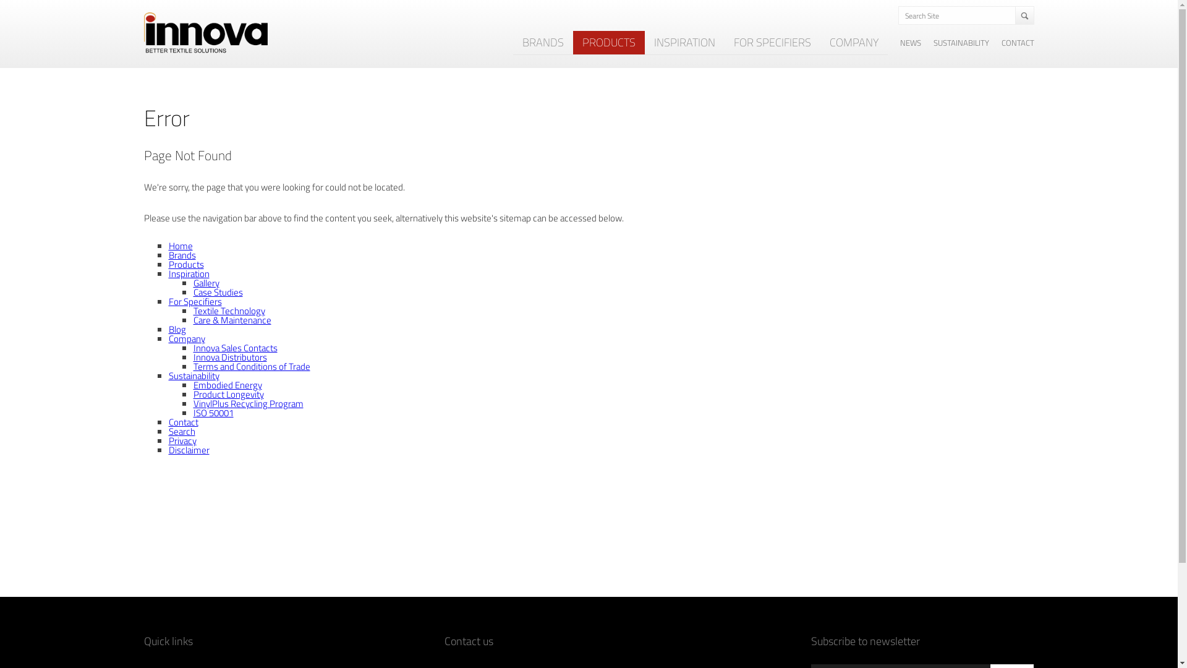 The height and width of the screenshot is (668, 1187). I want to click on 'Innova Sales Contacts', so click(234, 348).